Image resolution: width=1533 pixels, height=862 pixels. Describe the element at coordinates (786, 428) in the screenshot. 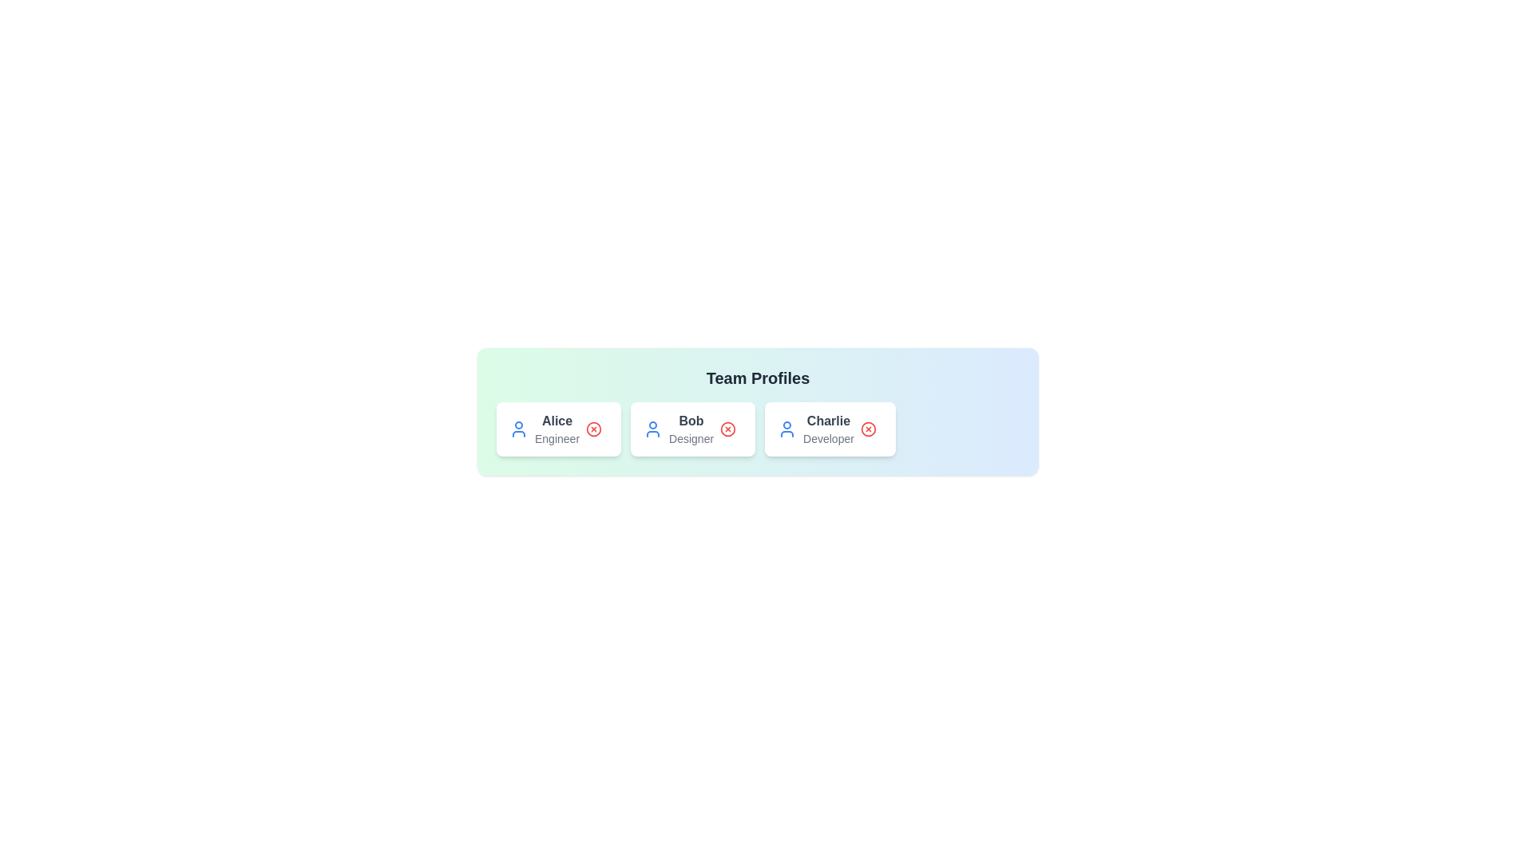

I see `the user icon associated with the profile Charlie` at that location.